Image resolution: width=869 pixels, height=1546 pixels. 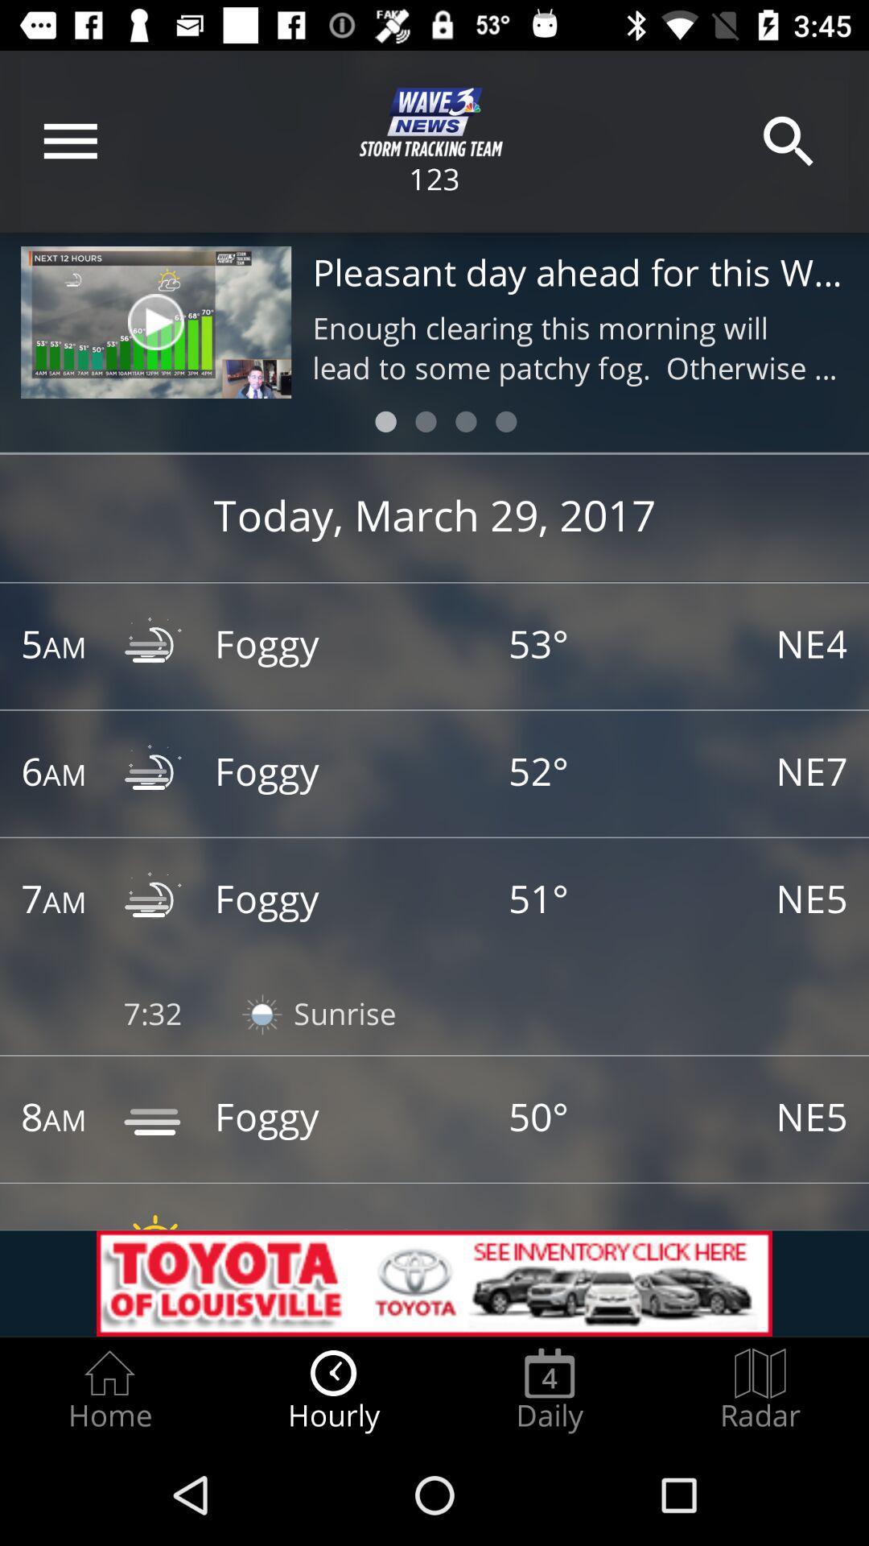 What do you see at coordinates (155, 1118) in the screenshot?
I see `icon right of 8 am` at bounding box center [155, 1118].